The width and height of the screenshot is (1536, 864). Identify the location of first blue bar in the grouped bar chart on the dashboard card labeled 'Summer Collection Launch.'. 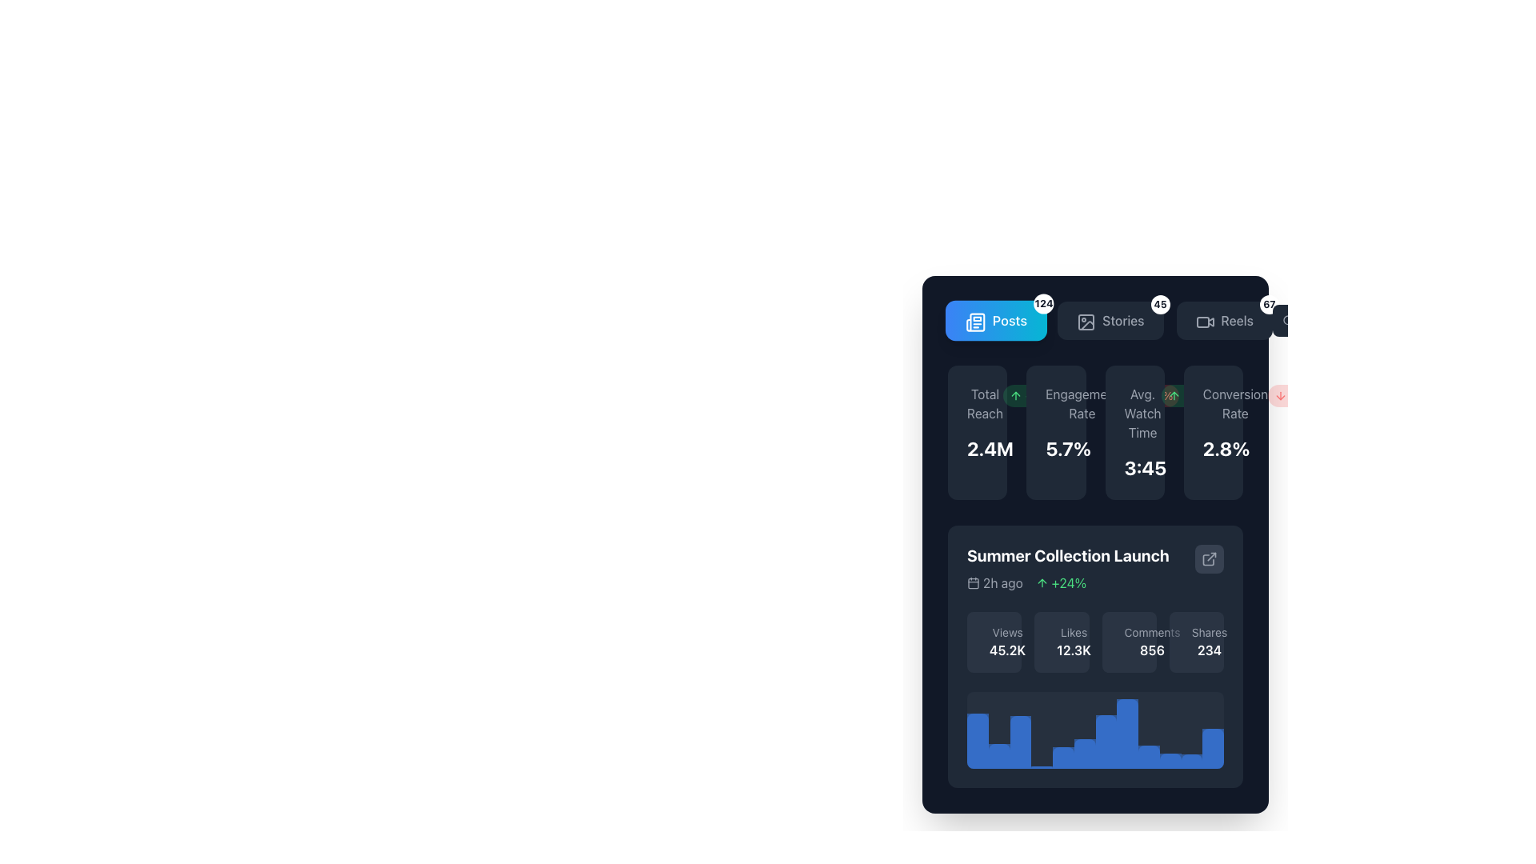
(977, 741).